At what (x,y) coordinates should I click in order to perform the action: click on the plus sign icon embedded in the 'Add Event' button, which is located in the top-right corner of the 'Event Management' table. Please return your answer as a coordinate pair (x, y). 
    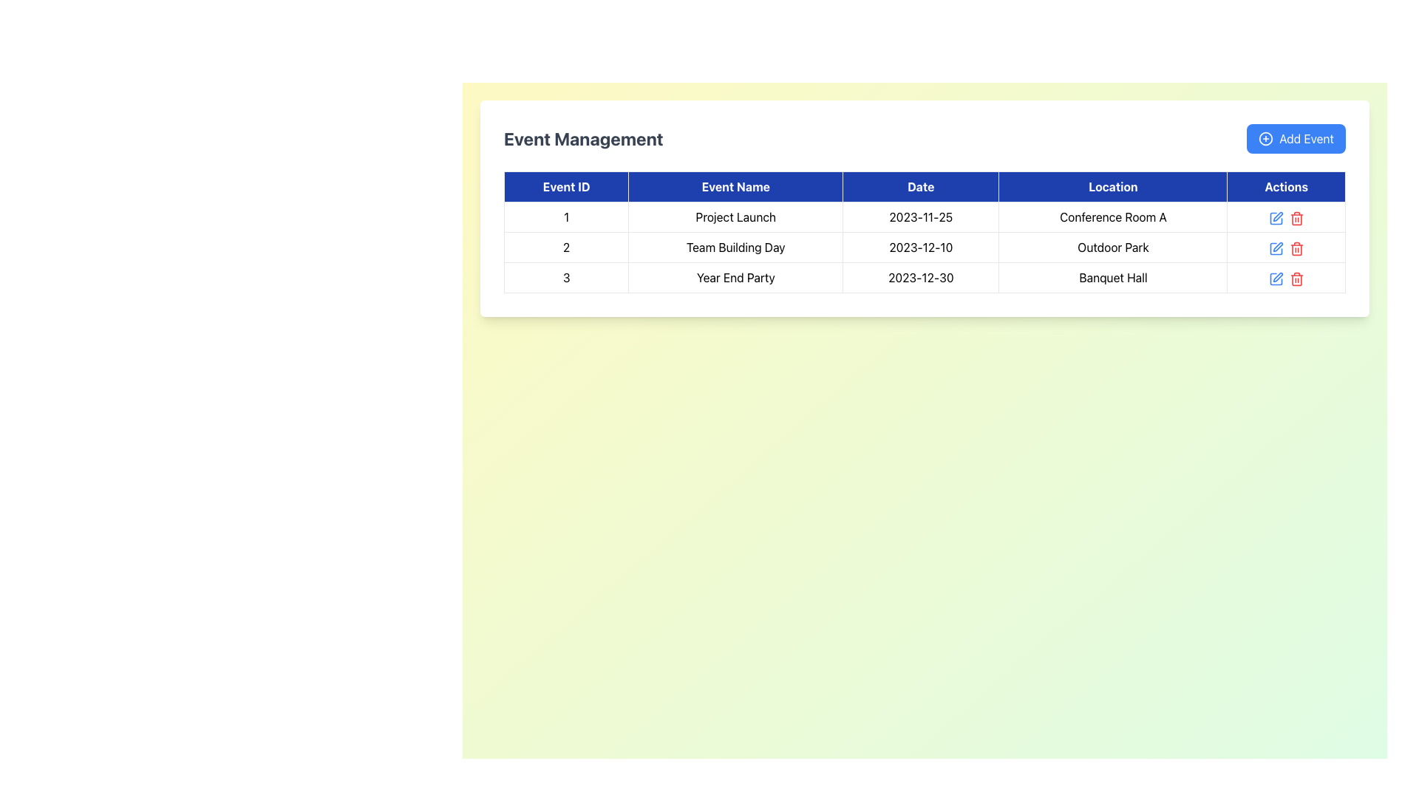
    Looking at the image, I should click on (1265, 139).